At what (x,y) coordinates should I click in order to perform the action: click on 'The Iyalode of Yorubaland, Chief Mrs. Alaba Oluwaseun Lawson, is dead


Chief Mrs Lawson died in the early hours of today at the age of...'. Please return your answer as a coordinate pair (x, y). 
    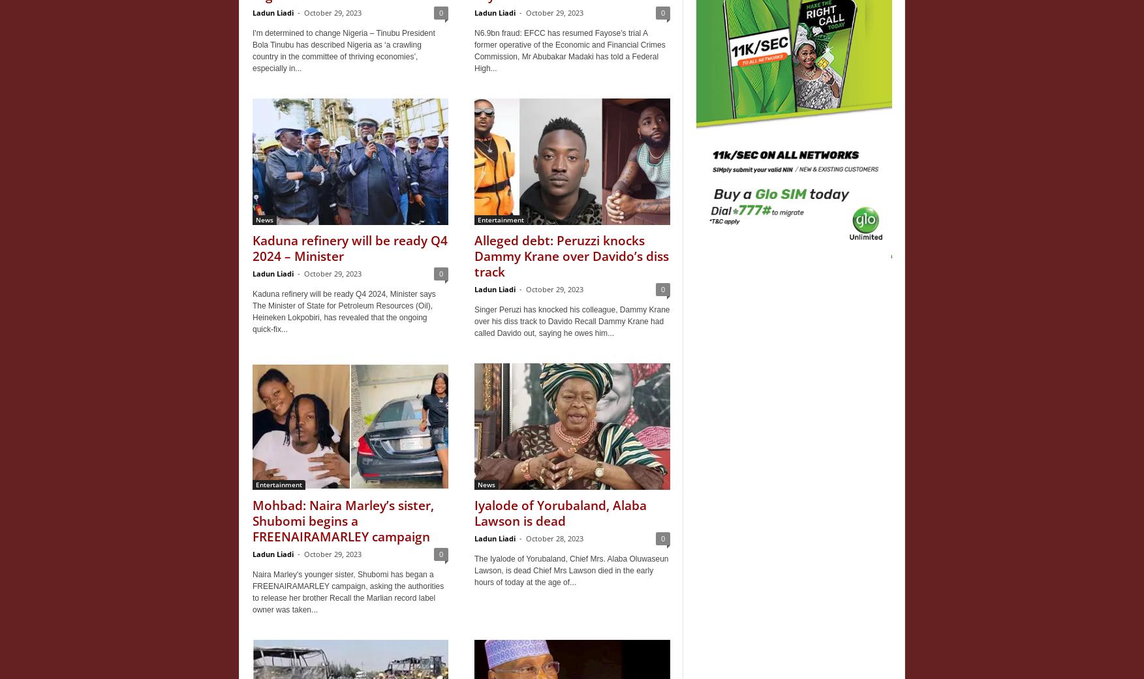
    Looking at the image, I should click on (571, 569).